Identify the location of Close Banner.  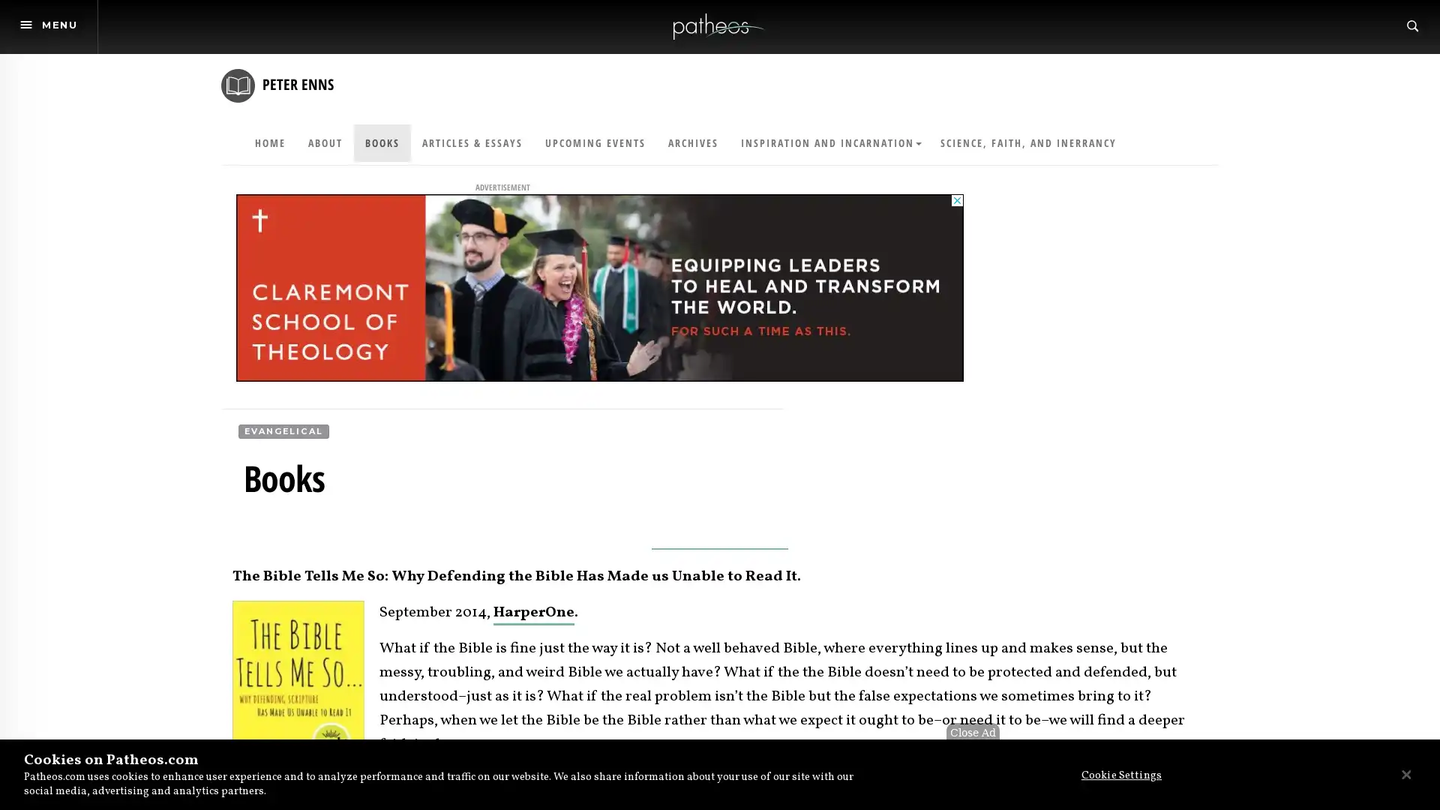
(1405, 774).